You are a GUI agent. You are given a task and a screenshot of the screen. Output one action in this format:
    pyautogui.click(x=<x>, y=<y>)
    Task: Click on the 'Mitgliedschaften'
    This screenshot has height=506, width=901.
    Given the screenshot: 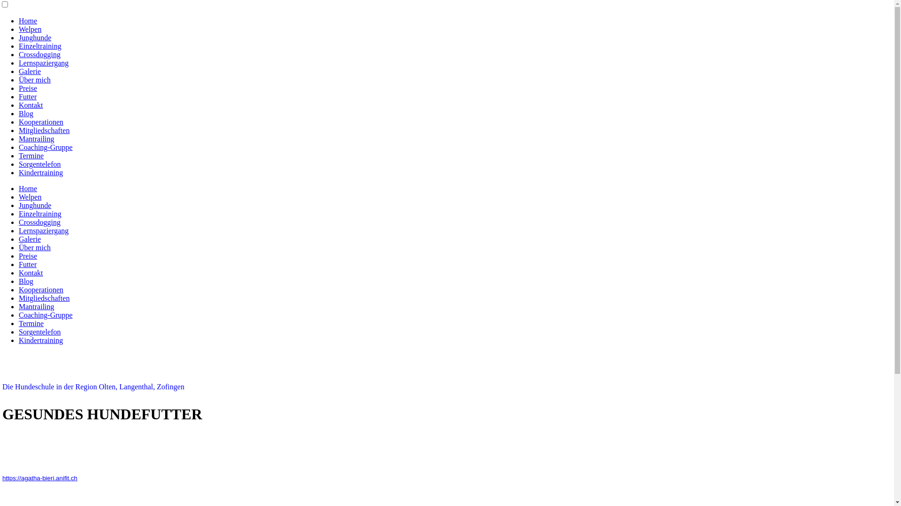 What is the action you would take?
    pyautogui.click(x=44, y=130)
    